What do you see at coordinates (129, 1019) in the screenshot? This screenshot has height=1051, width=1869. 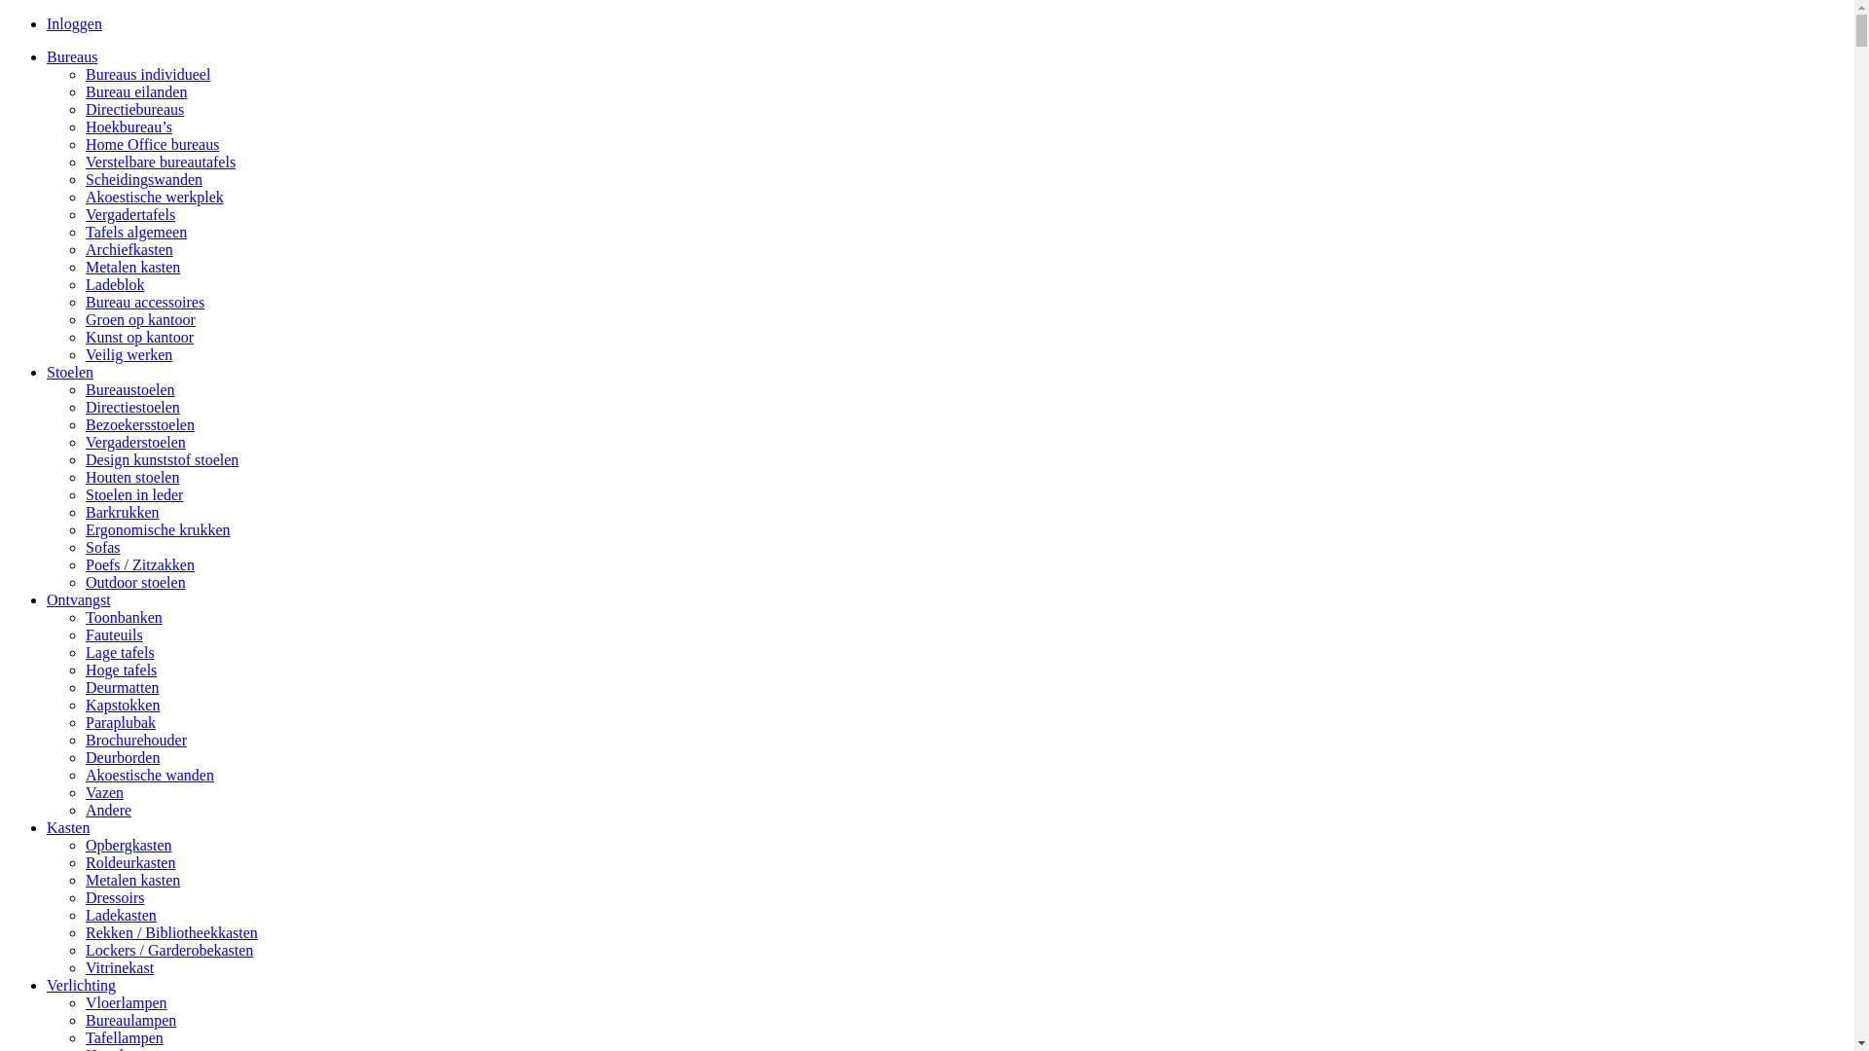 I see `'Bureaulampen'` at bounding box center [129, 1019].